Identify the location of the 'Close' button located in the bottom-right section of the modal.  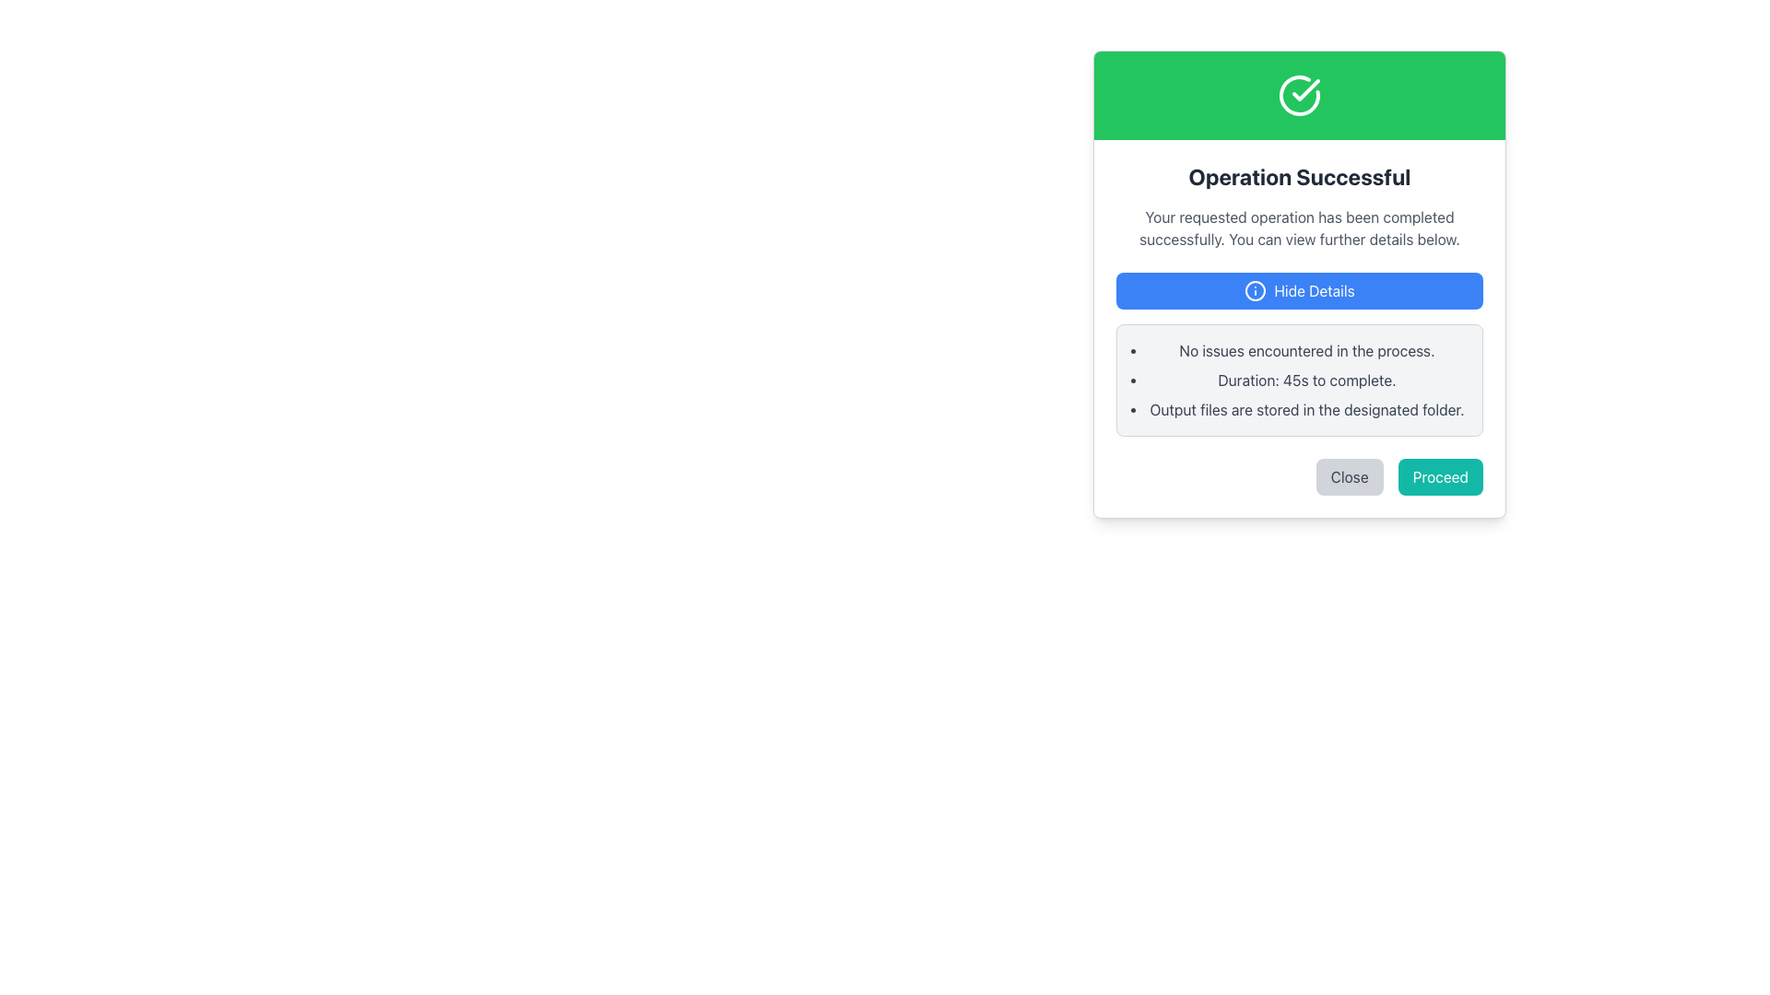
(1350, 475).